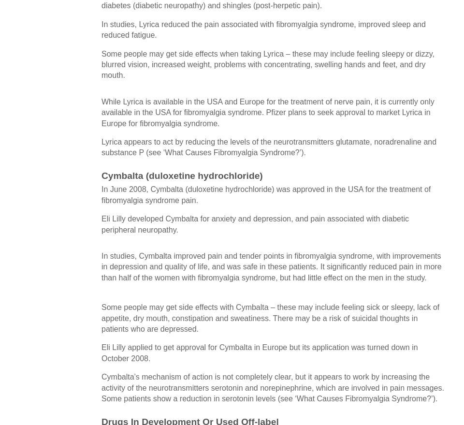 This screenshot has height=425, width=464. What do you see at coordinates (268, 112) in the screenshot?
I see `'While Lyrica is available in the USA and Europe for the treatment of nerve pain, it is currently only available in the USA for fibromyalgia syndrome. Pfizer plans to seek approval to market Lyrica in Europe for fibromyalgia syndrome.'` at bounding box center [268, 112].